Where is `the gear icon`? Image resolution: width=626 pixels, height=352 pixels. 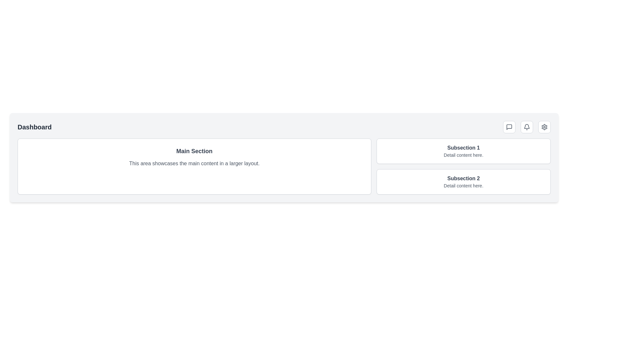 the gear icon is located at coordinates (544, 127).